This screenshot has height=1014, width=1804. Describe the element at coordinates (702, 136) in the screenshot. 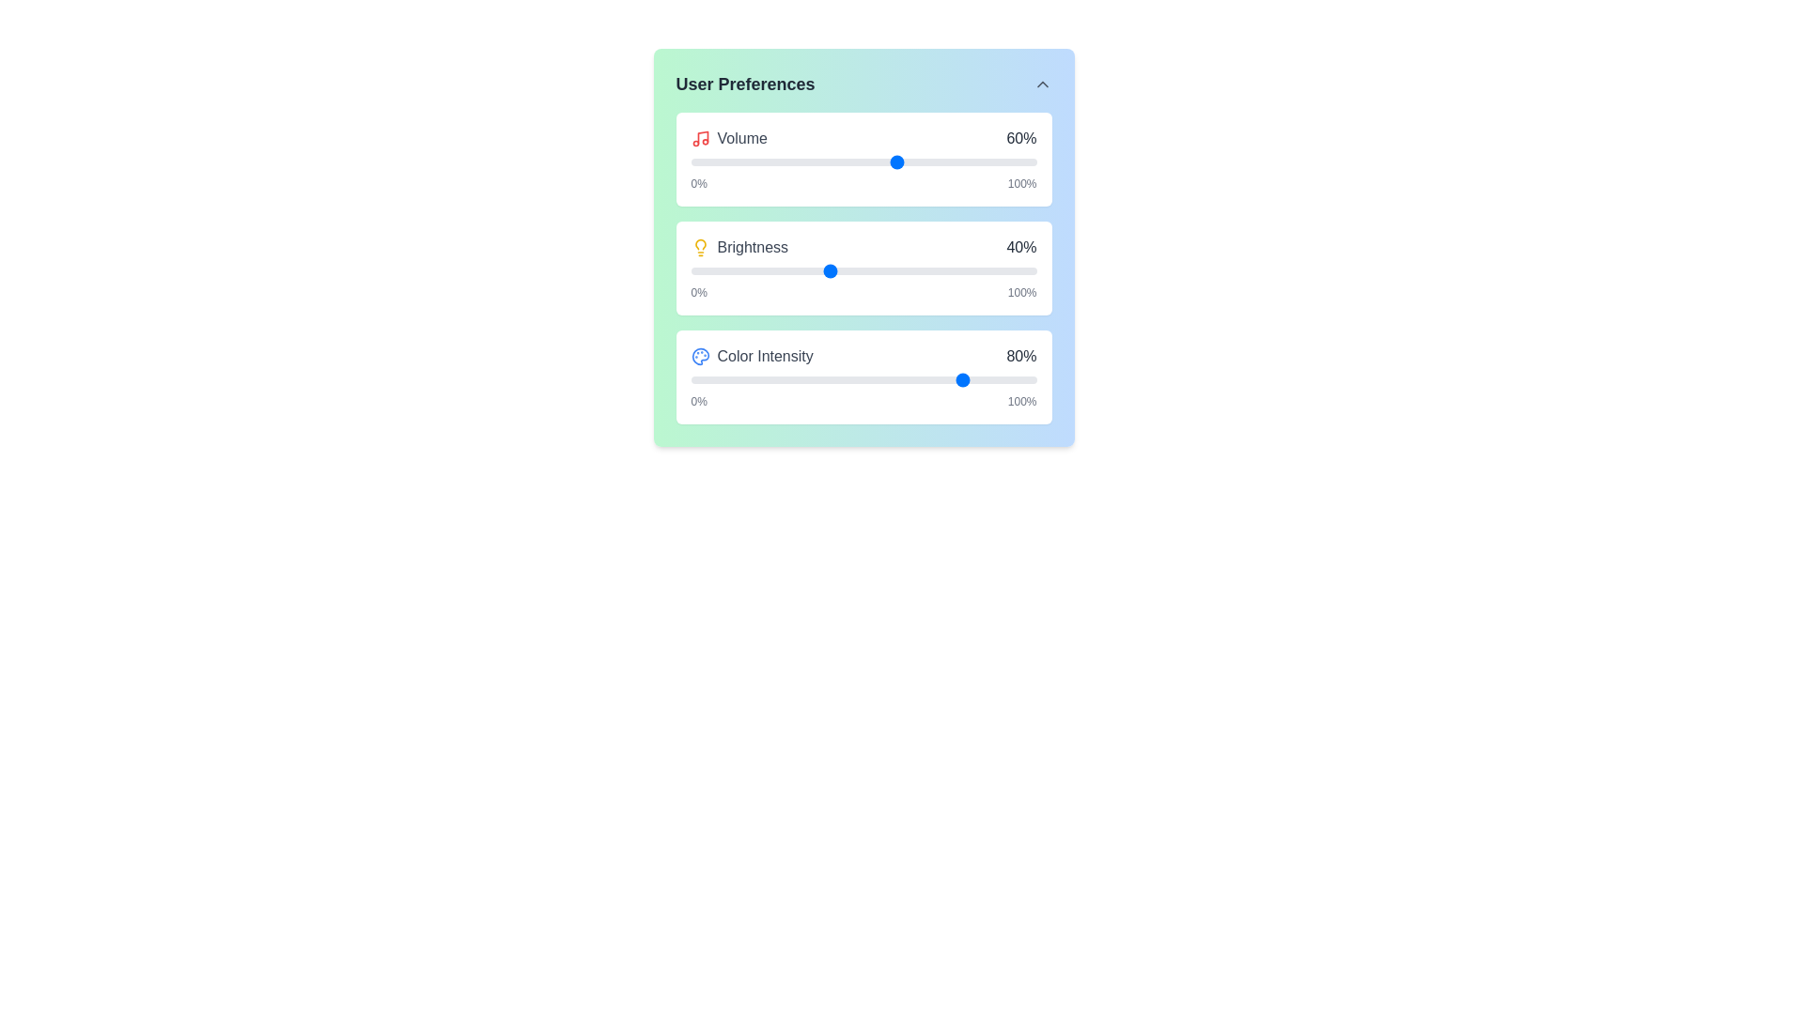

I see `the central vertical line of the musical note icon, which is styled in red and located in the top row of the settings panel next to the 'Volume' slider` at that location.